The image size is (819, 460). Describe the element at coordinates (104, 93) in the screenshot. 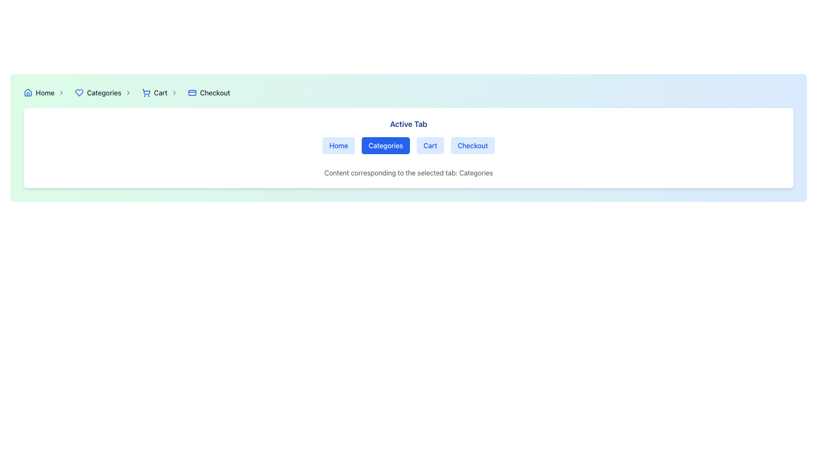

I see `the 'Categories' hyperlink in the navigation bar` at that location.